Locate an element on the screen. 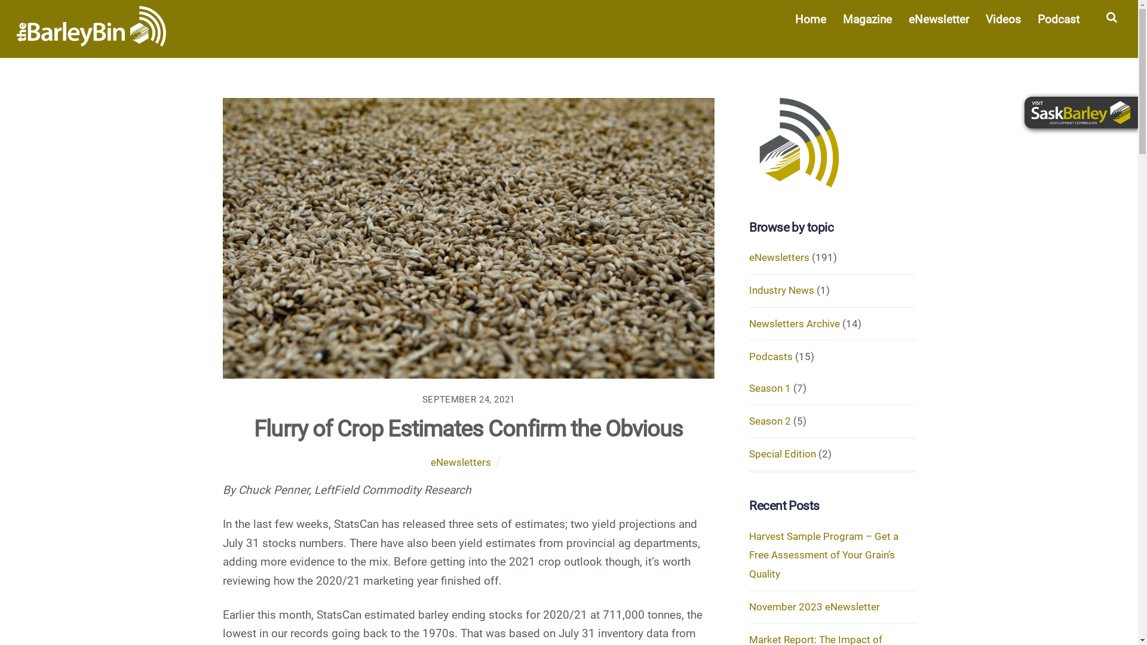  'Home' is located at coordinates (810, 19).